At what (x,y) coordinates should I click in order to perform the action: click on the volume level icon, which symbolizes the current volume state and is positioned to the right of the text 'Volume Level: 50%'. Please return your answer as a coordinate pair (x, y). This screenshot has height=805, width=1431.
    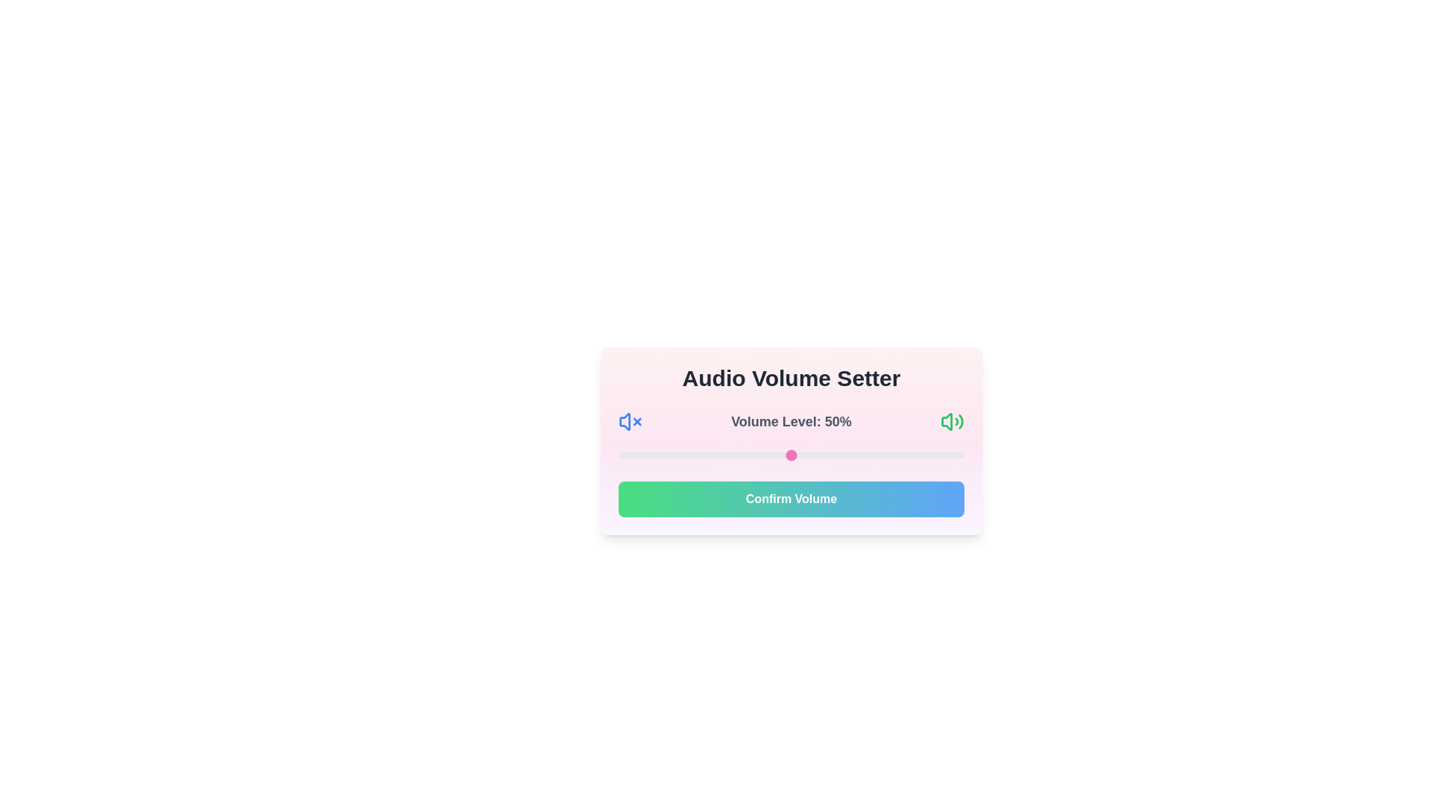
    Looking at the image, I should click on (951, 422).